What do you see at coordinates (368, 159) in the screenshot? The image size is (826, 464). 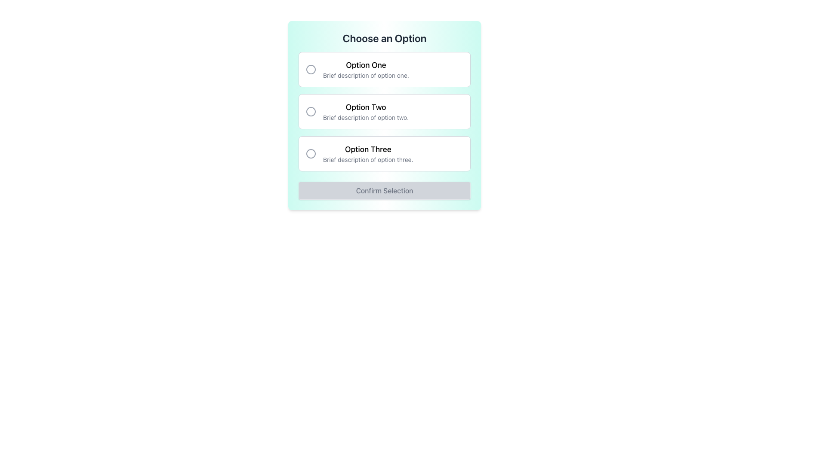 I see `the text element reading 'Brief description of option three.' located beneath the title 'Option Three'` at bounding box center [368, 159].